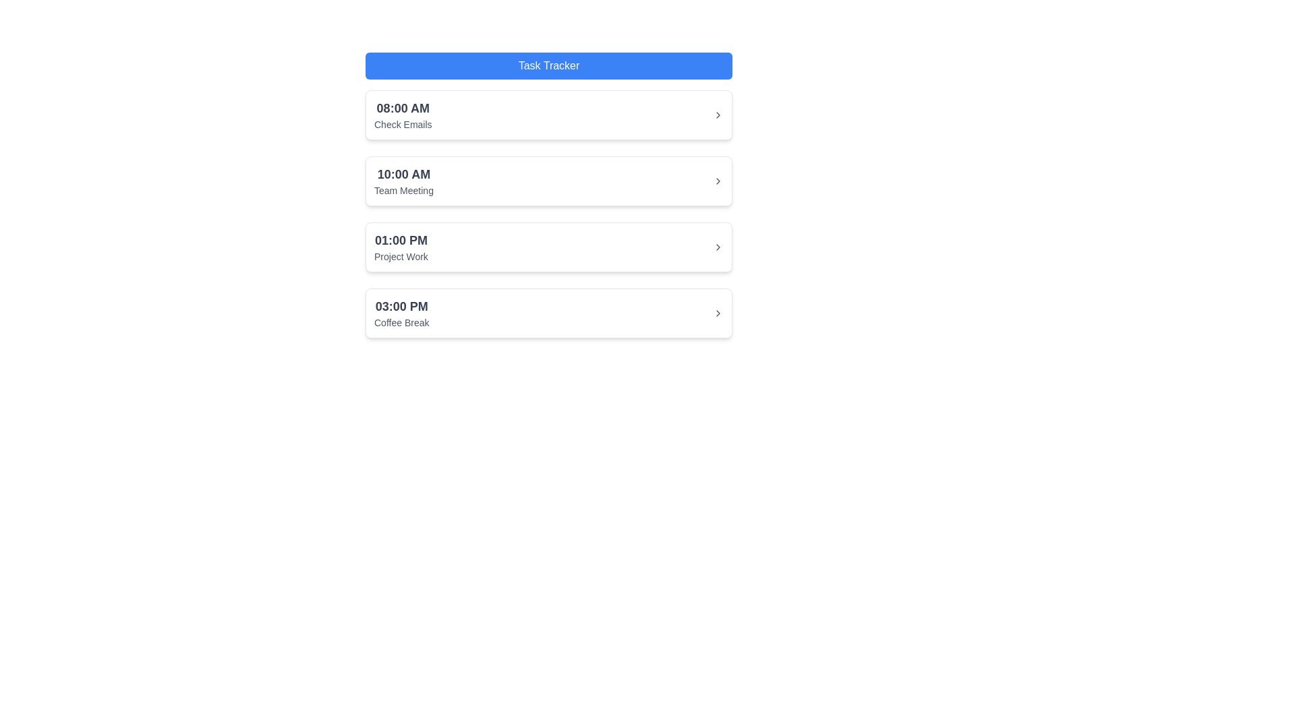  Describe the element at coordinates (549, 195) in the screenshot. I see `the schedule entry for the team meeting at 10:00 AM` at that location.